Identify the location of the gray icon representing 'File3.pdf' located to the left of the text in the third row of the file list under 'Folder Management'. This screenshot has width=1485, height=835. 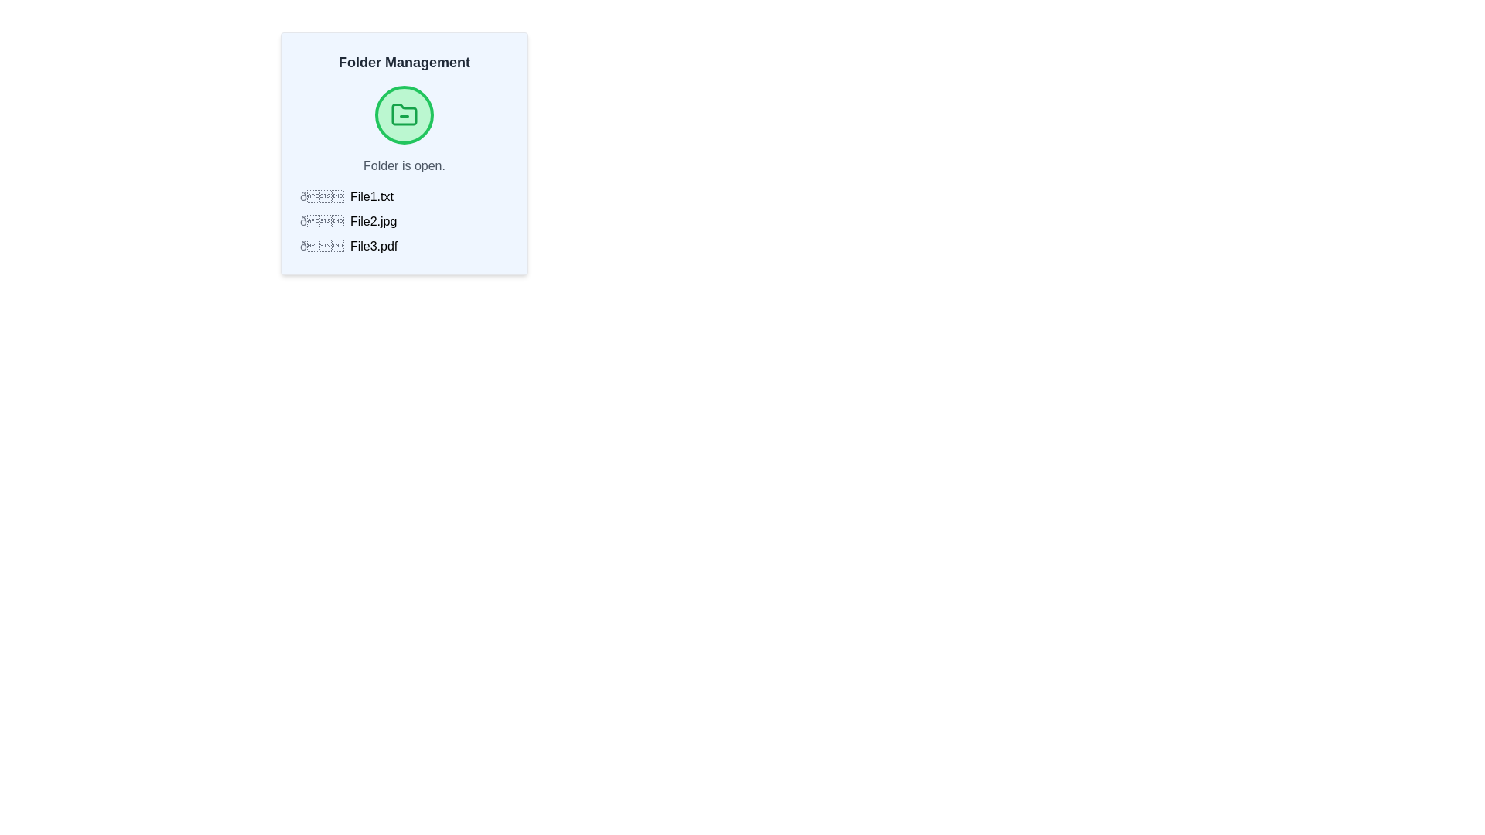
(321, 246).